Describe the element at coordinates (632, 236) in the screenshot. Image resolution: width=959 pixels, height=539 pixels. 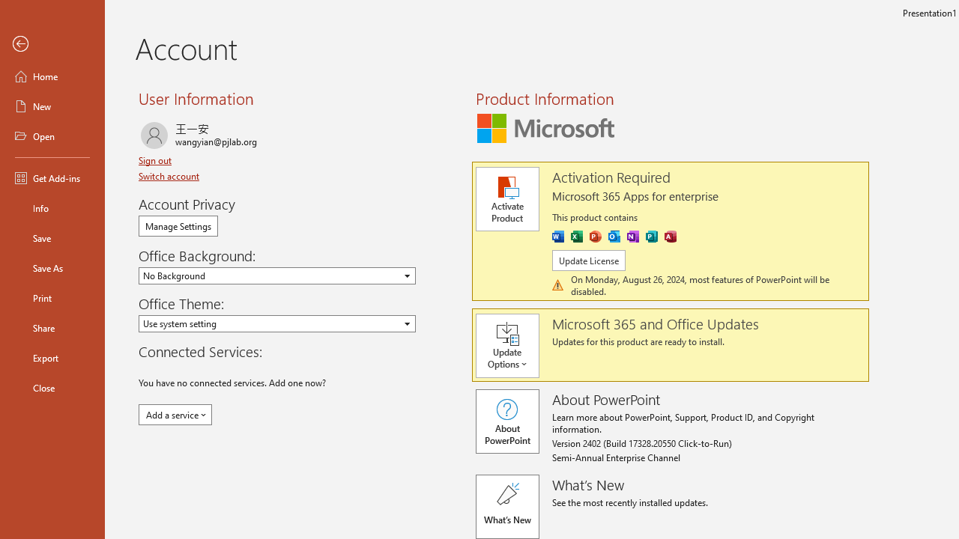
I see `'OneNote'` at that location.